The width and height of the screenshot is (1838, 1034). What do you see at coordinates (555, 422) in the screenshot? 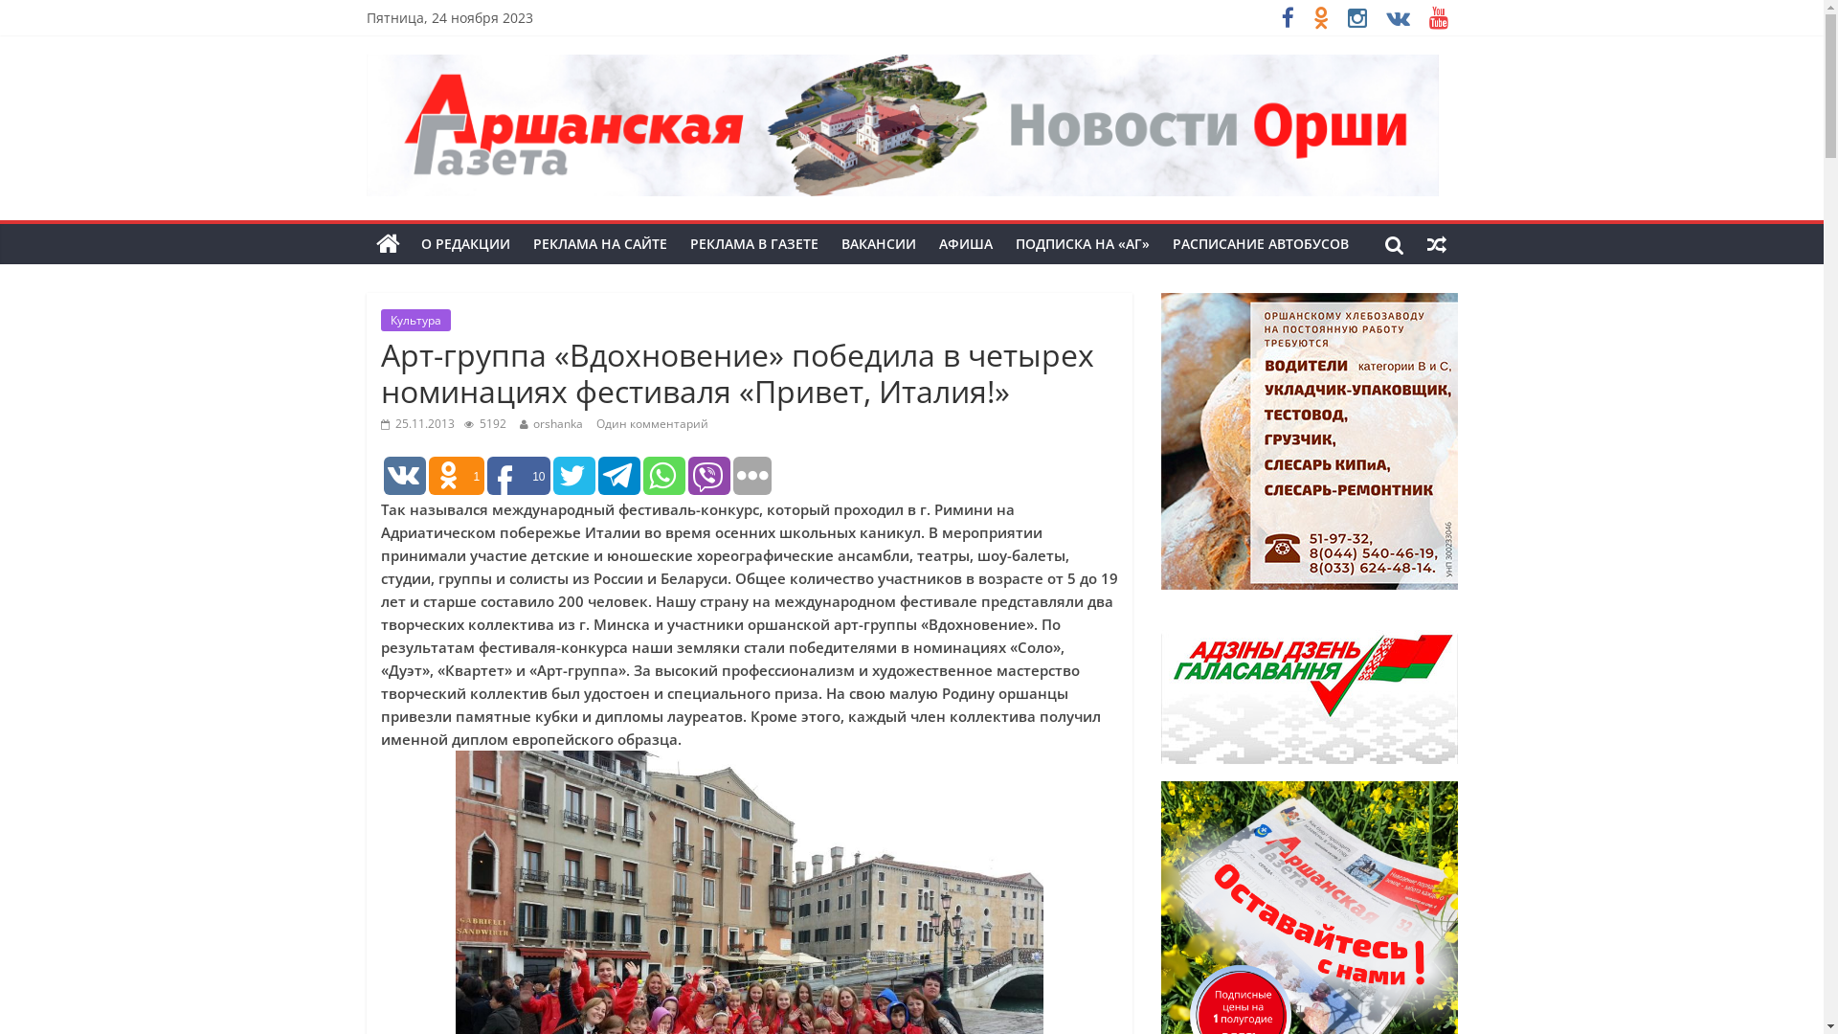
I see `'orshanka'` at bounding box center [555, 422].